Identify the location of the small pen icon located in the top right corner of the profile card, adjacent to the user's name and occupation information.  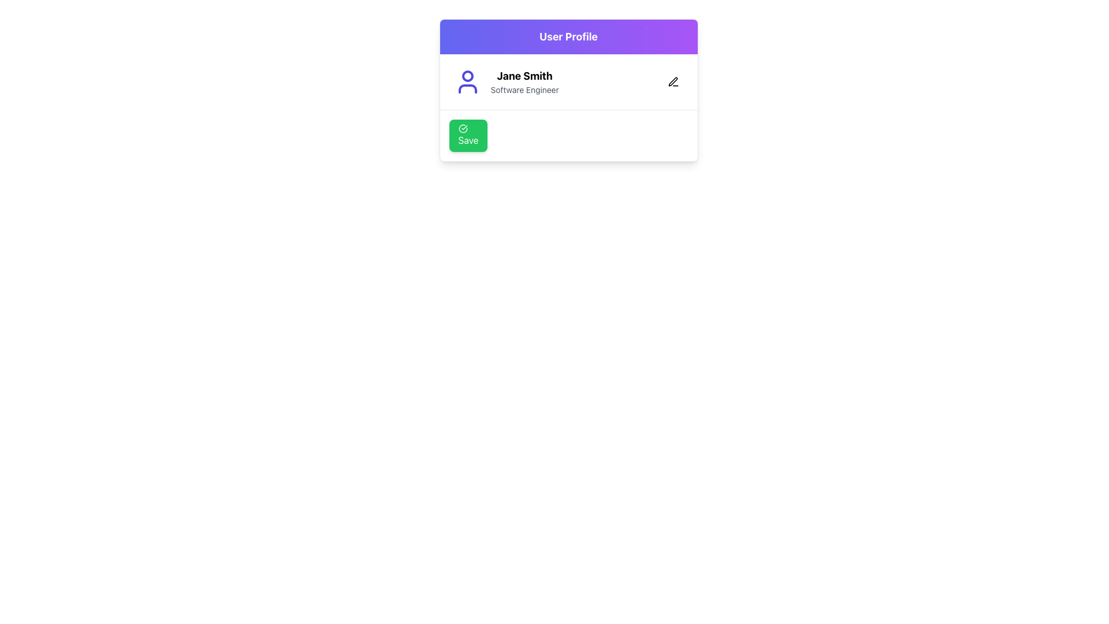
(673, 81).